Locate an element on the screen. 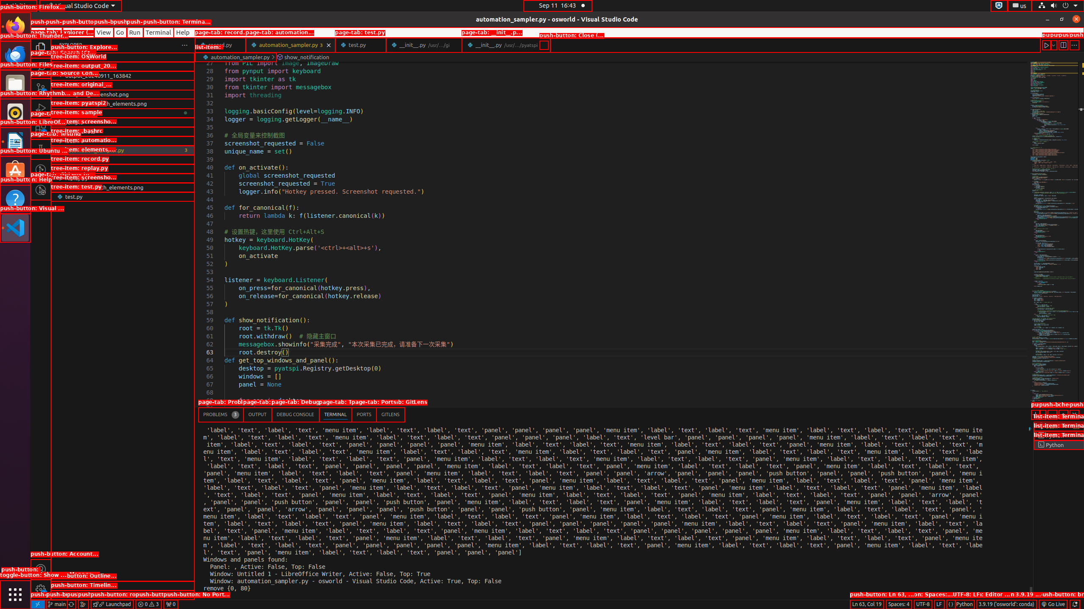 This screenshot has height=609, width=1084. 'Spaces: 4' is located at coordinates (898, 604).